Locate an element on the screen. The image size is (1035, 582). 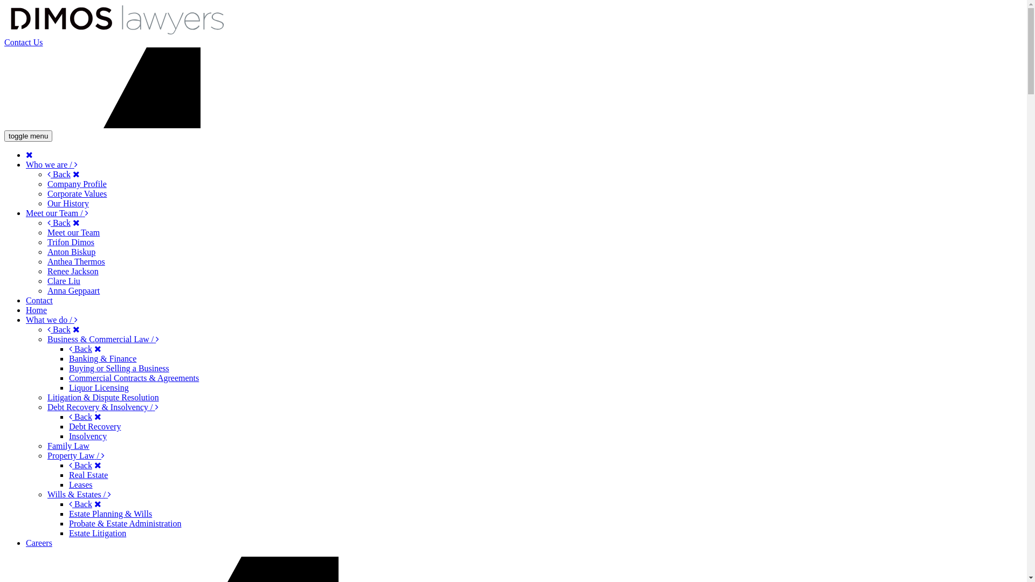
'Company Profile' is located at coordinates (46, 183).